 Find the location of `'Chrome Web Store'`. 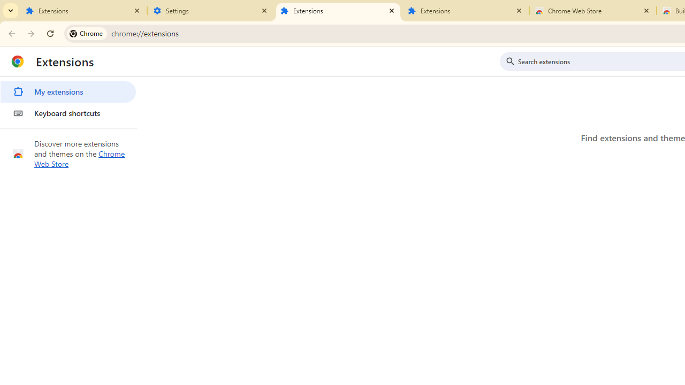

'Chrome Web Store' is located at coordinates (592, 11).